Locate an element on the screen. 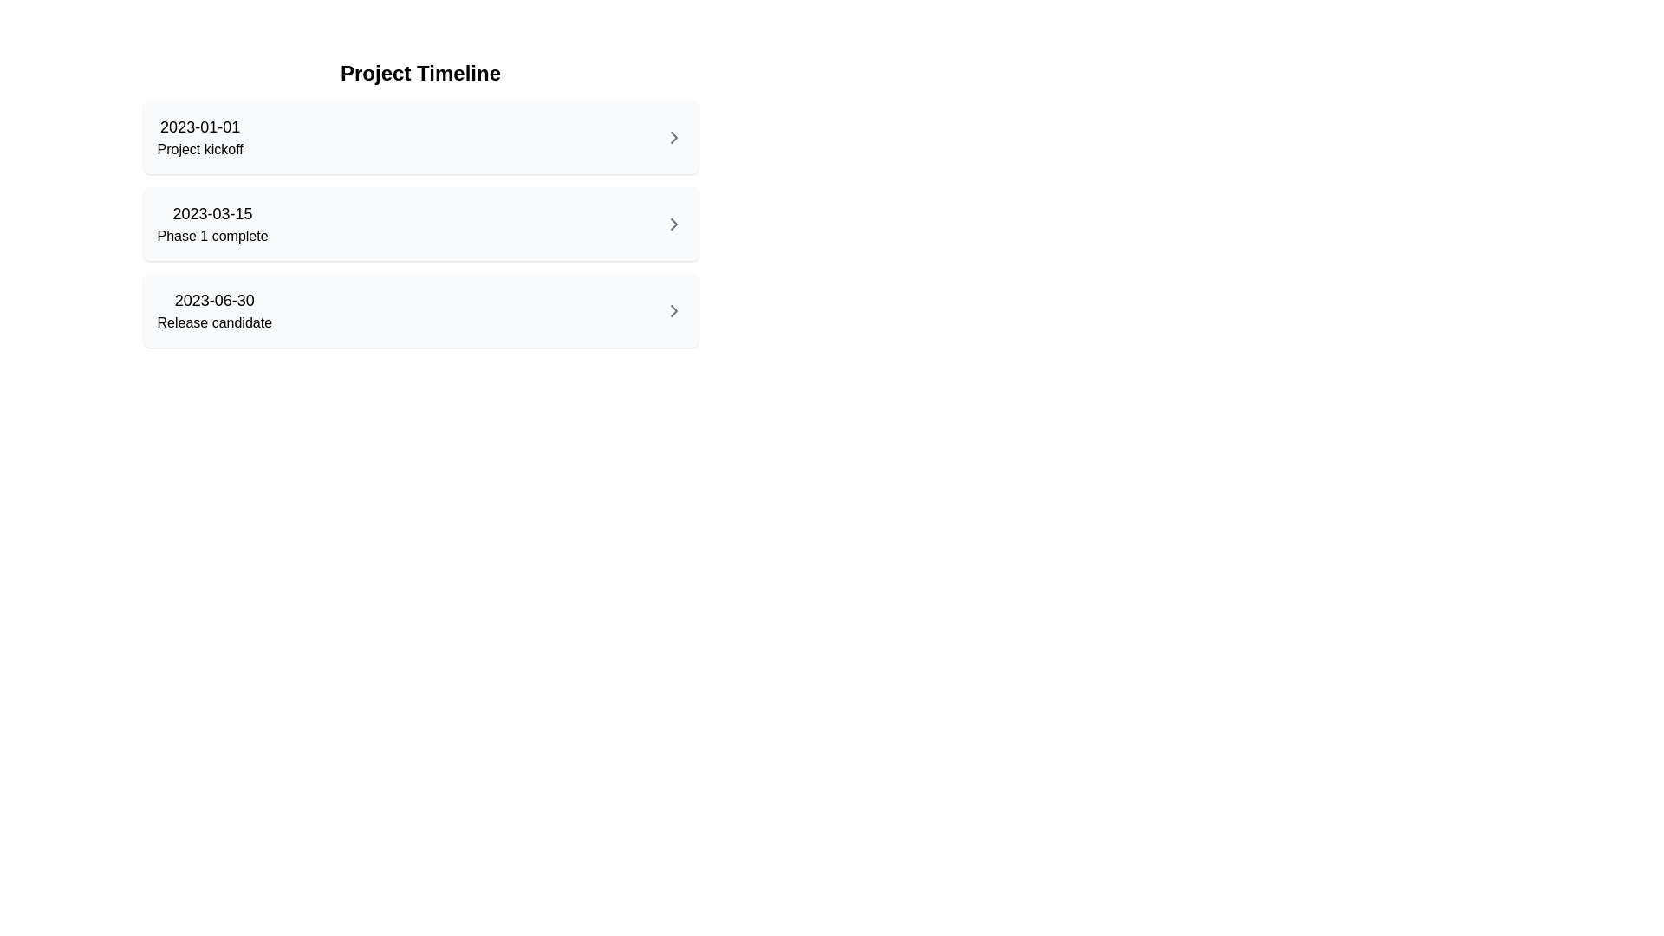 The image size is (1664, 936). the first text block in the project timeline, which indicates the starting date of the project and is located in the first row of a vertically aligned list under the title 'Project Timeline' is located at coordinates (200, 136).